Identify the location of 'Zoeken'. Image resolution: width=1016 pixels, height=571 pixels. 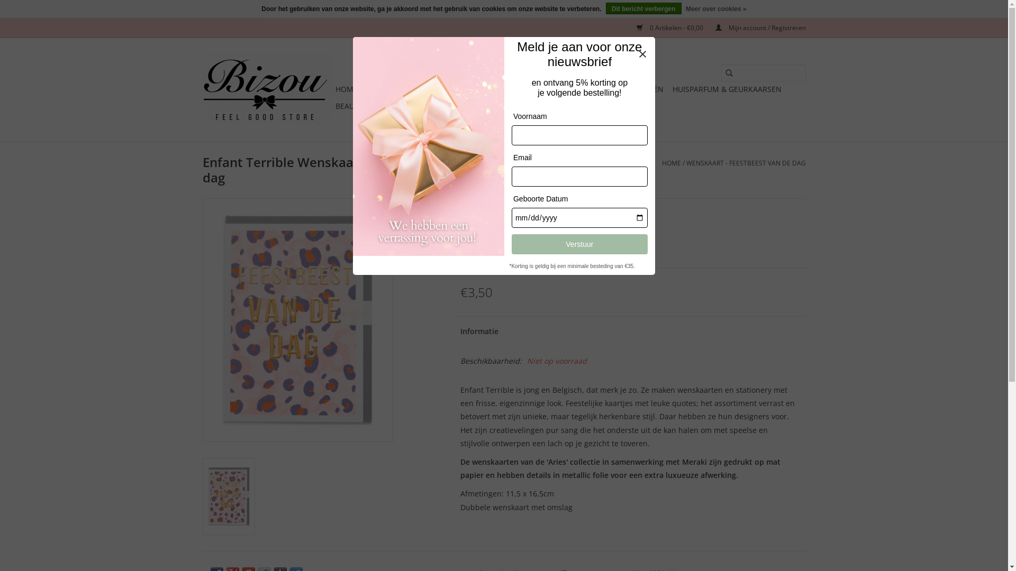
(720, 72).